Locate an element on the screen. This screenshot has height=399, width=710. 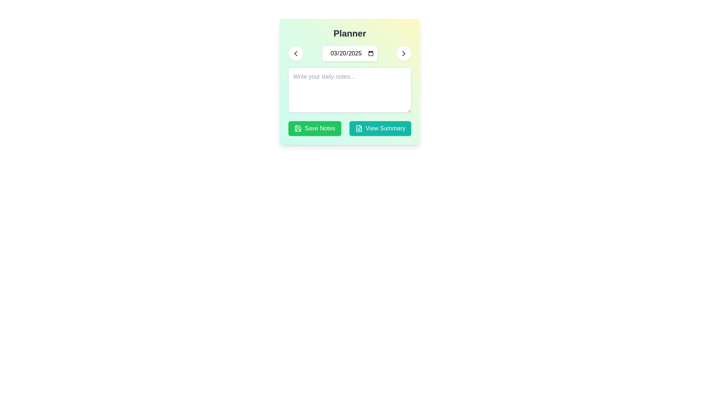
the leftmost button designed to save notes in the card interface to observe potential hover effects is located at coordinates (315, 128).